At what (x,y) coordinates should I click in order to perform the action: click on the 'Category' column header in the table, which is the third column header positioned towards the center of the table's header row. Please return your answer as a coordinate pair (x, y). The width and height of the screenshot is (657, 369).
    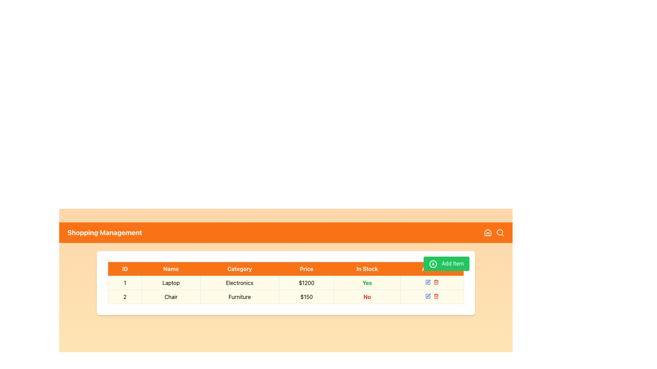
    Looking at the image, I should click on (240, 269).